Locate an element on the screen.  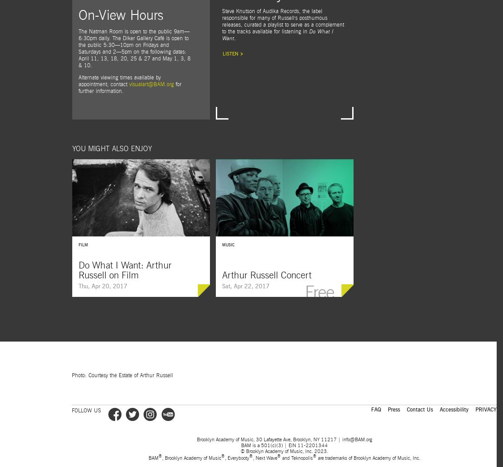
'© Brooklyn Academy of Music, Inc. 2023.' is located at coordinates (284, 451).